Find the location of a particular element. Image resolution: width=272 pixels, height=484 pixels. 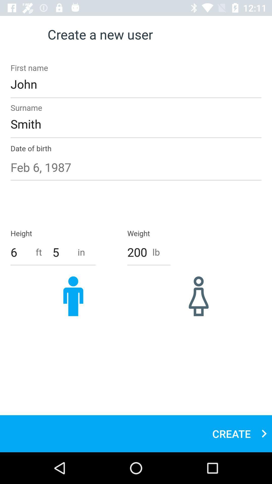

item below 200 item is located at coordinates (198, 296).